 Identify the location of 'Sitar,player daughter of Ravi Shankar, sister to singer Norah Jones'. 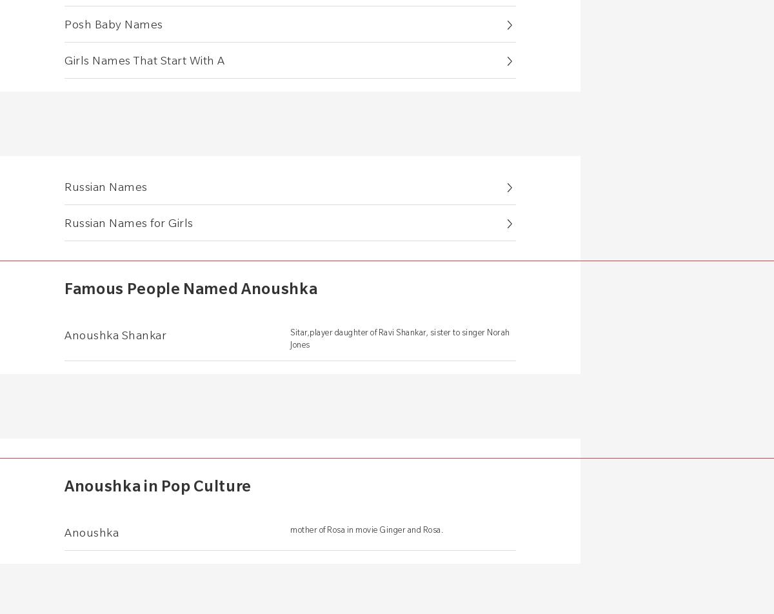
(400, 338).